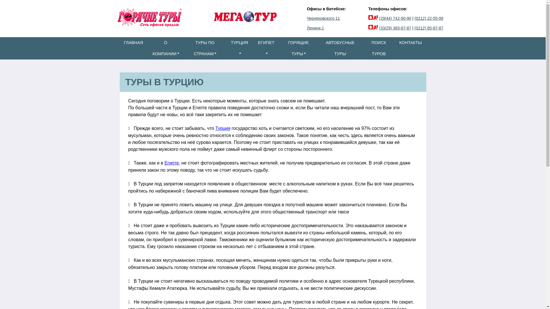 The width and height of the screenshot is (550, 309). I want to click on '(0212) 22-55-99', so click(429, 18).